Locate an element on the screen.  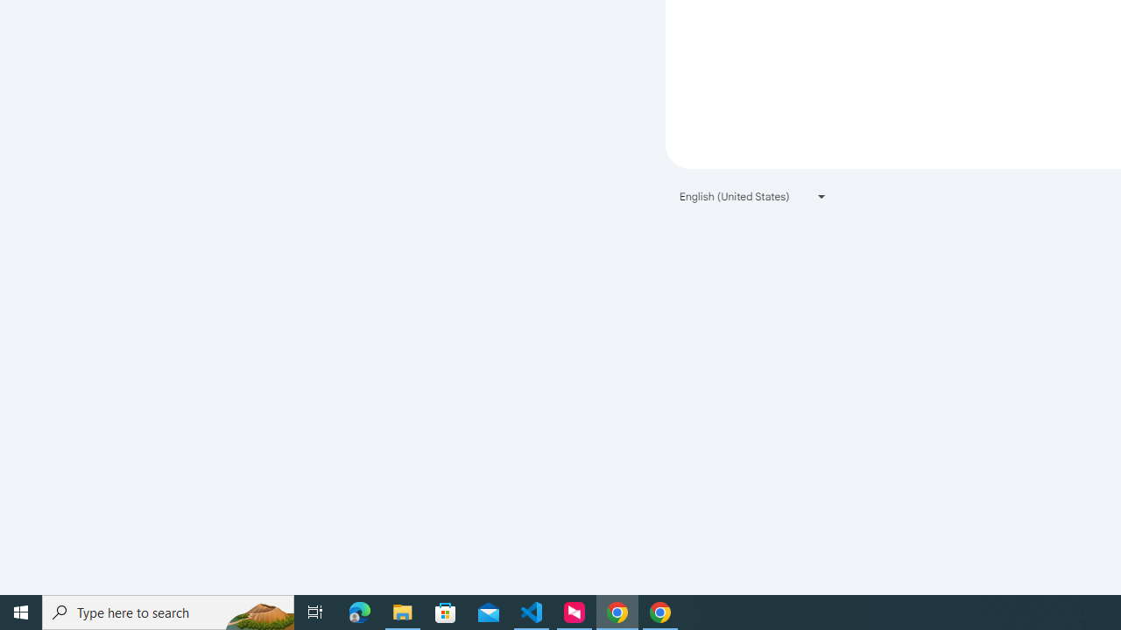
'English (United States)' is located at coordinates (753, 196).